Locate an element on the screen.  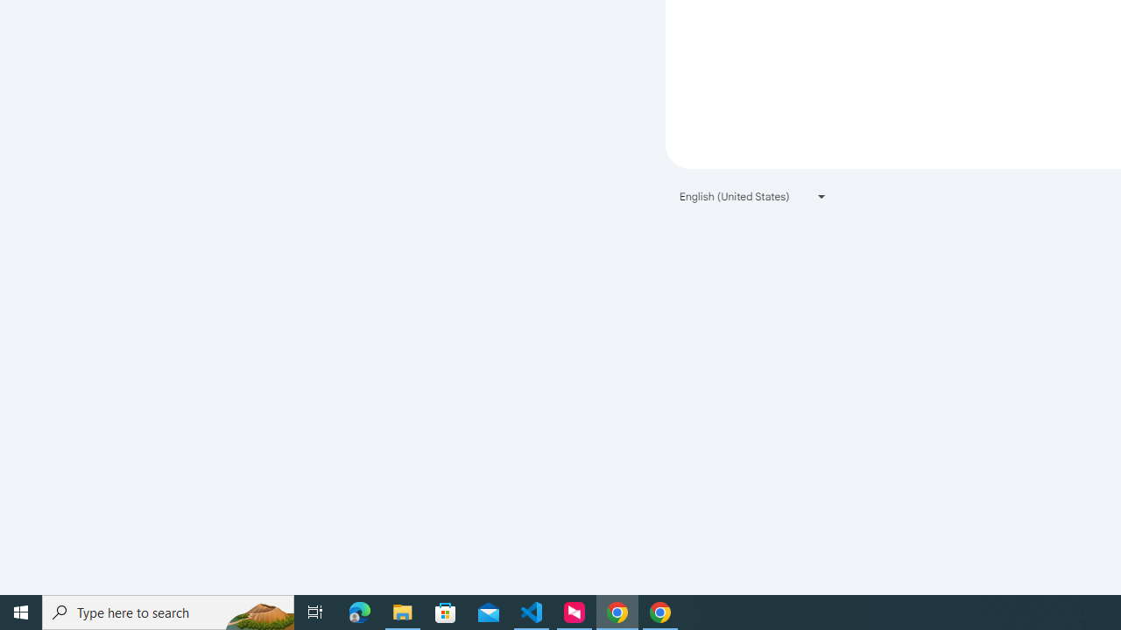
'English (United States)' is located at coordinates (753, 196).